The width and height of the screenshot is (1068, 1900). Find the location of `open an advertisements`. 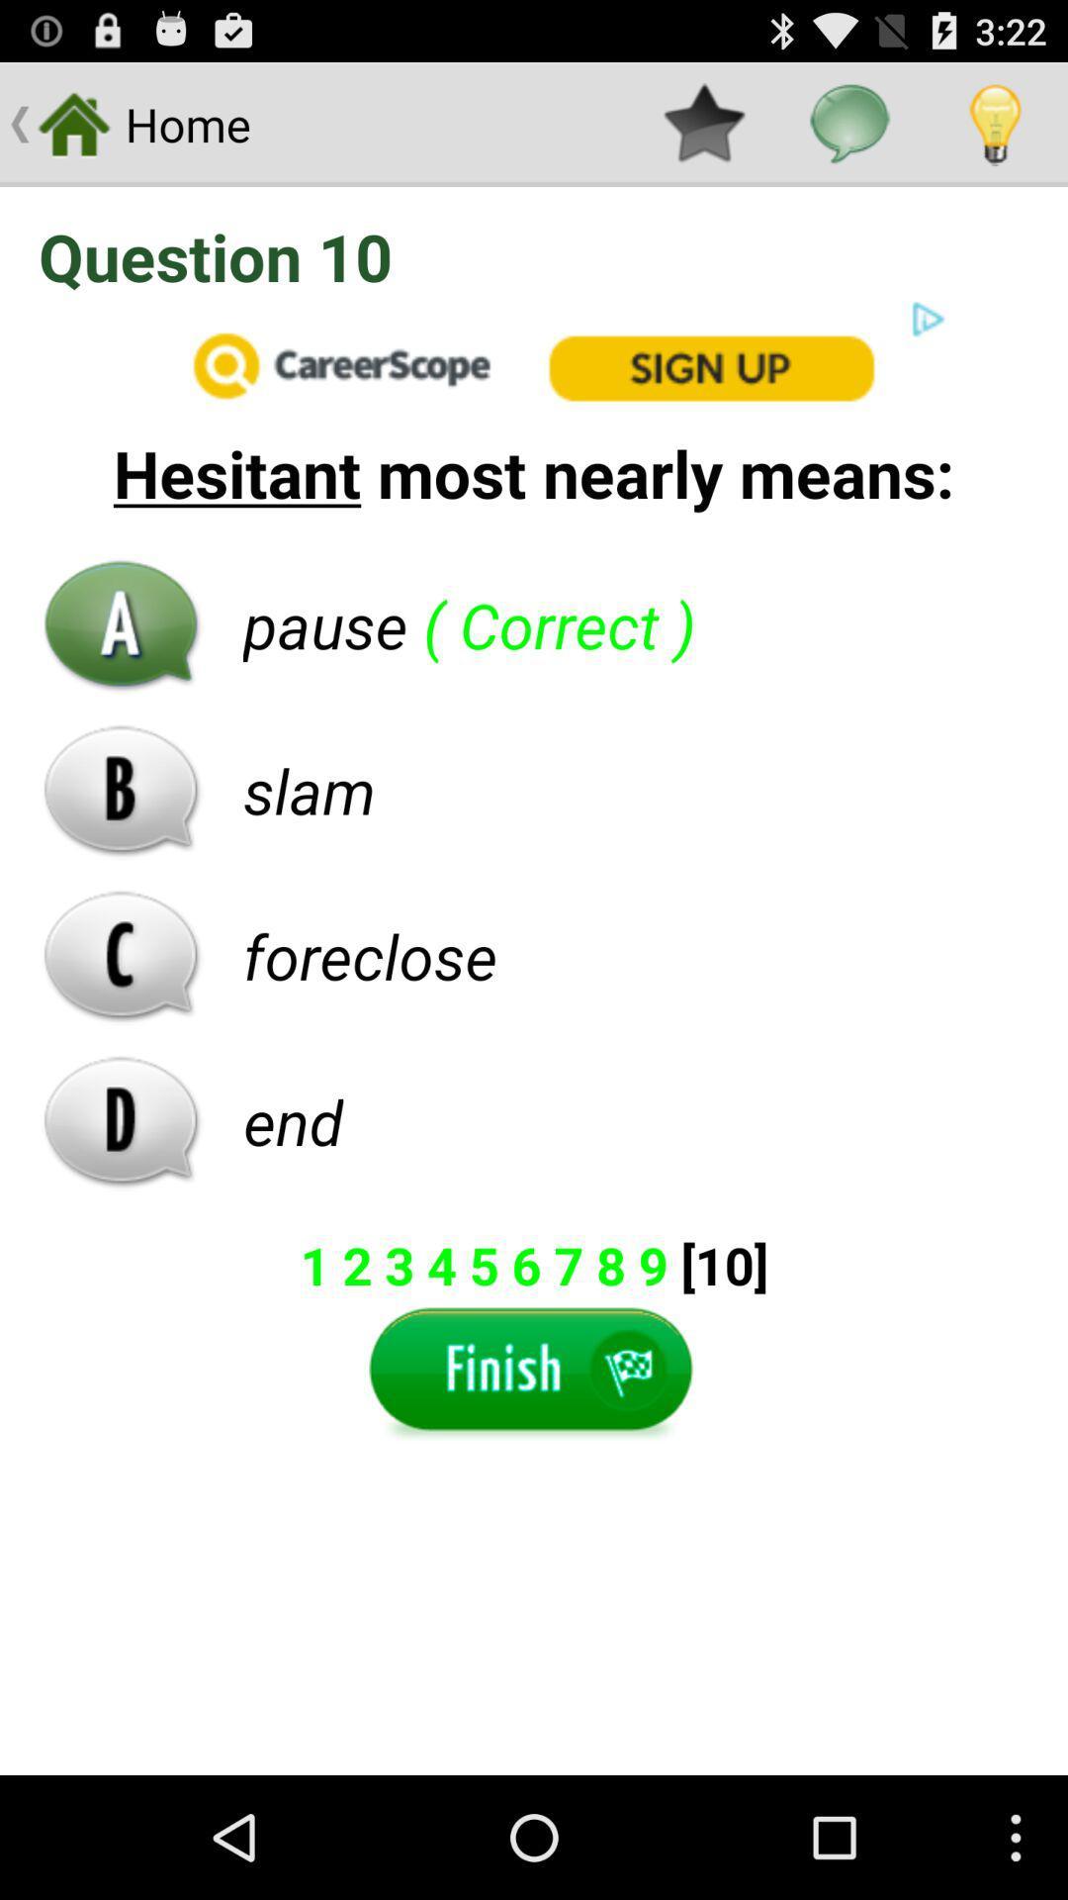

open an advertisements is located at coordinates (534, 364).